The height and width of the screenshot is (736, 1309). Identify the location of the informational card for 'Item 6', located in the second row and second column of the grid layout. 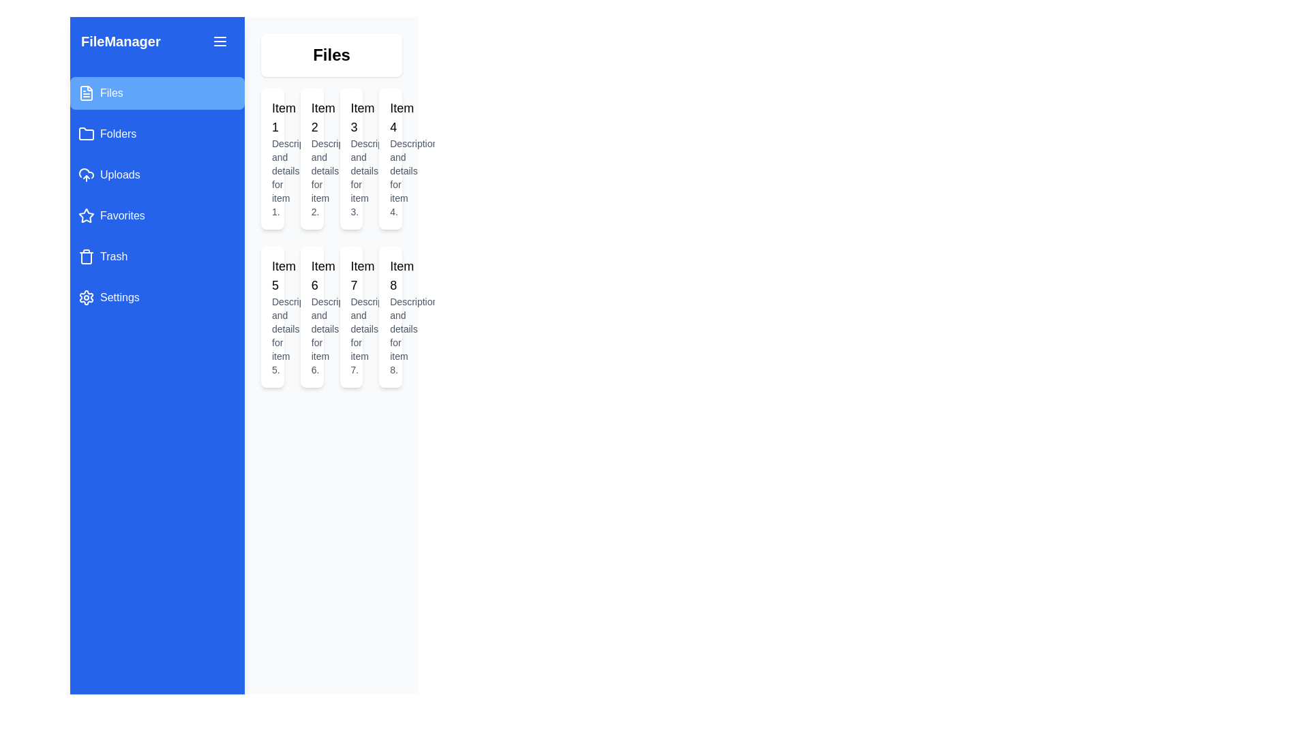
(311, 317).